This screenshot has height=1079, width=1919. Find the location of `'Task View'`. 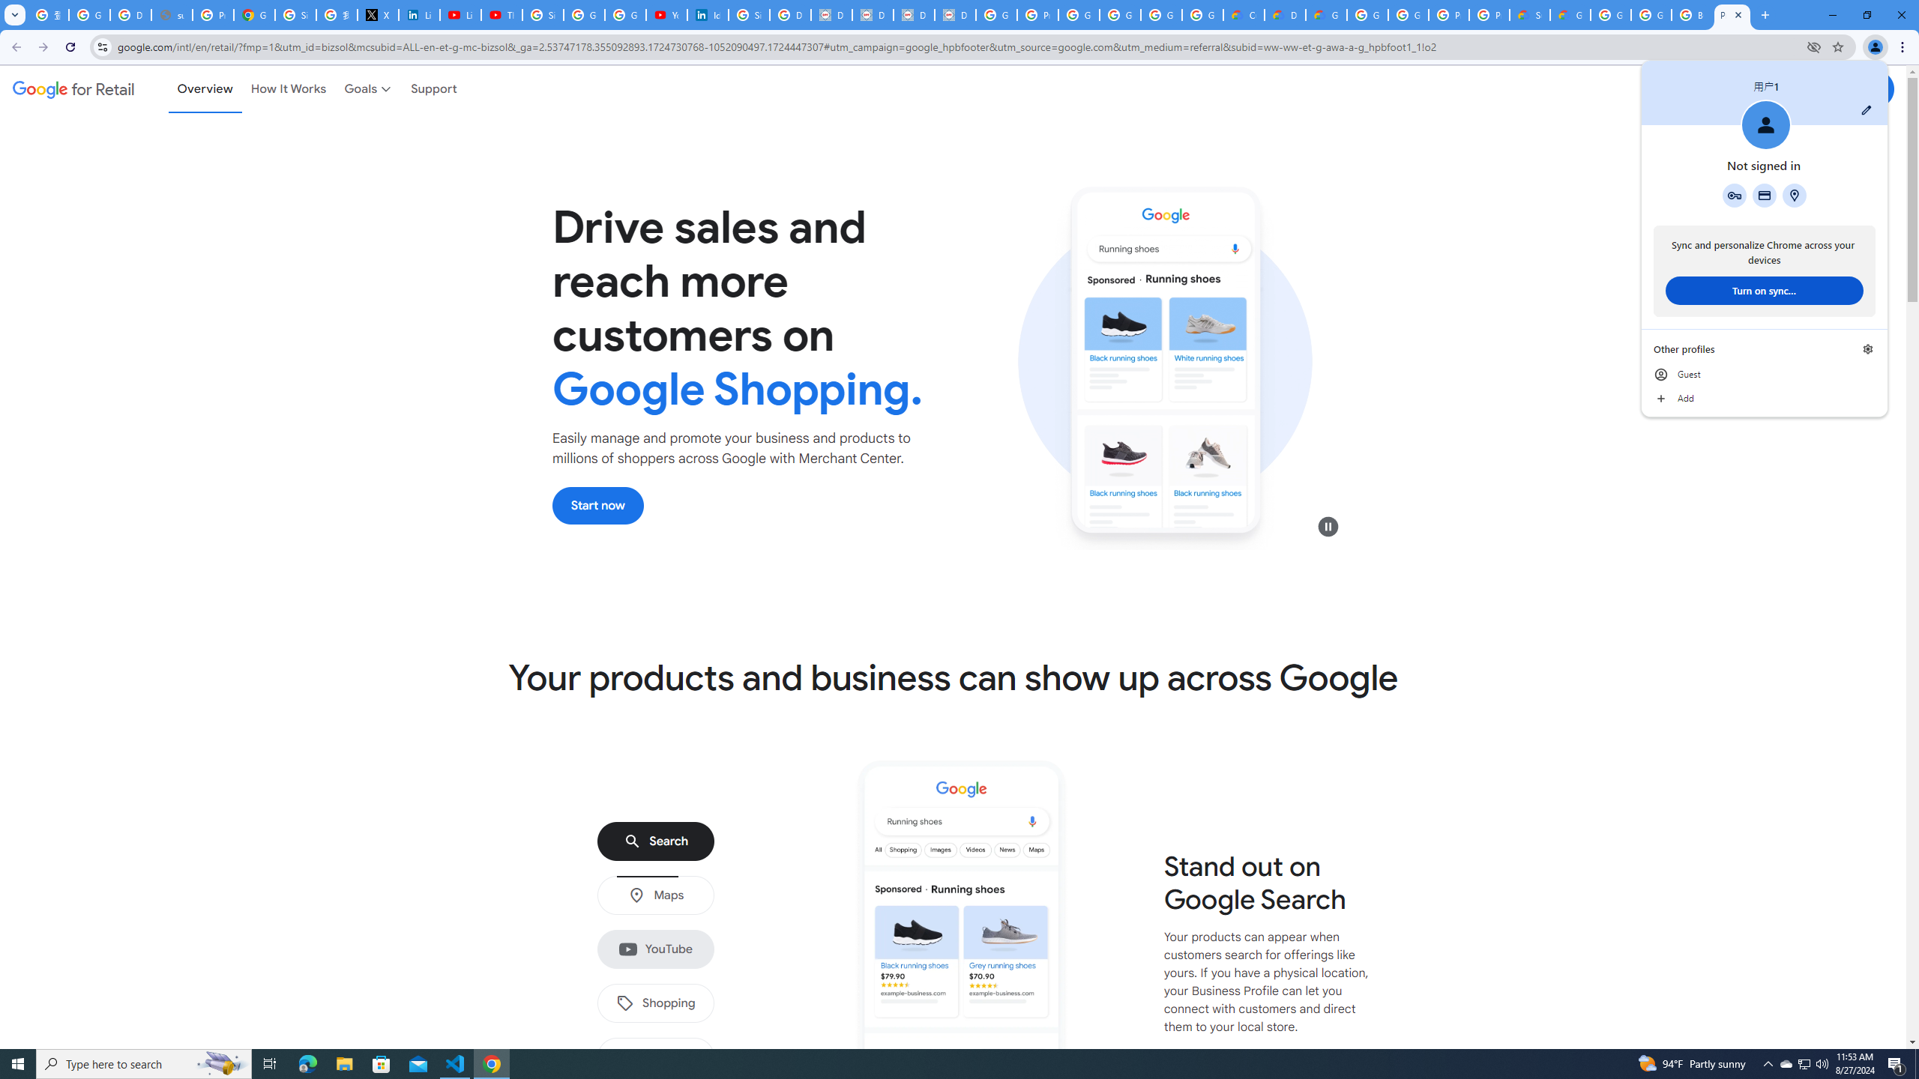

'Task View' is located at coordinates (268, 1063).